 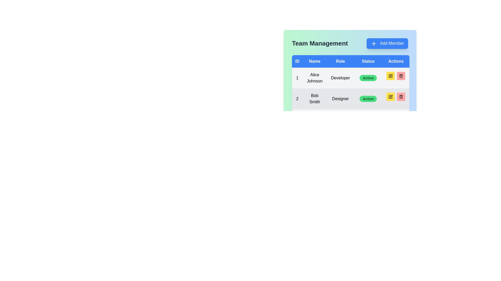 What do you see at coordinates (297, 99) in the screenshot?
I see `the numeric identifier '2' which is styled with a bold font and located within a light gray background row` at bounding box center [297, 99].